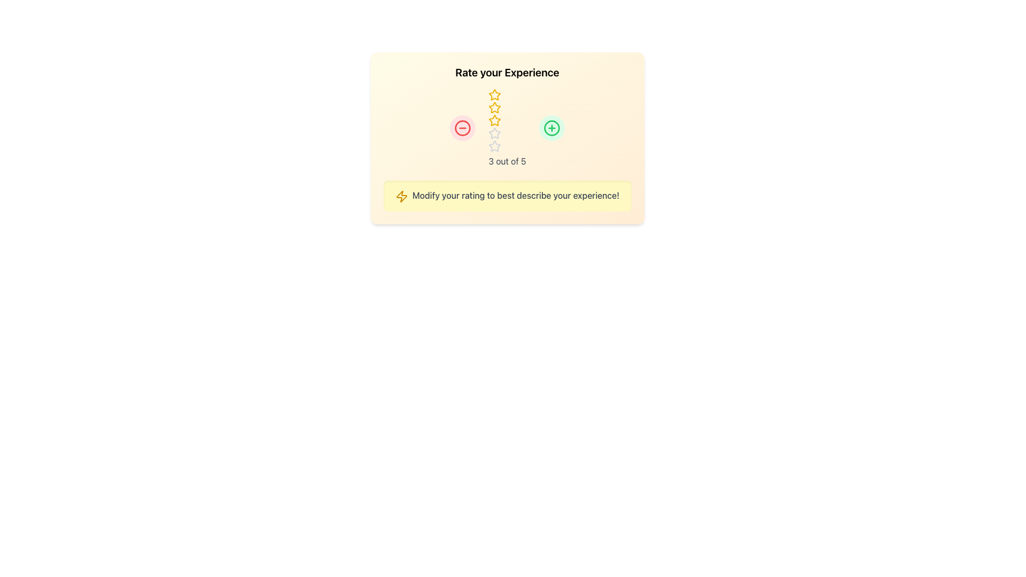 This screenshot has height=577, width=1026. I want to click on the third star icon in the rating system, which indicates a score of 3 out of 5, located below the heading 'Rate your Experience', so click(494, 107).